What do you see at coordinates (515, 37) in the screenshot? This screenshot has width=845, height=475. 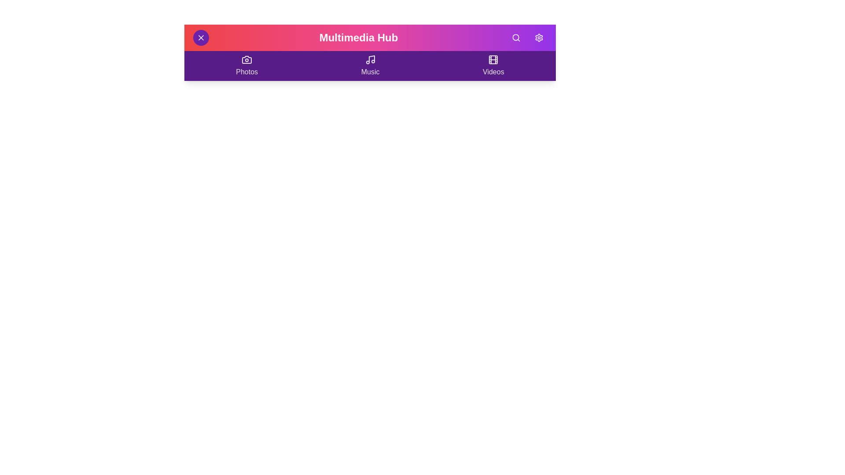 I see `the search button to initiate the search functionality` at bounding box center [515, 37].